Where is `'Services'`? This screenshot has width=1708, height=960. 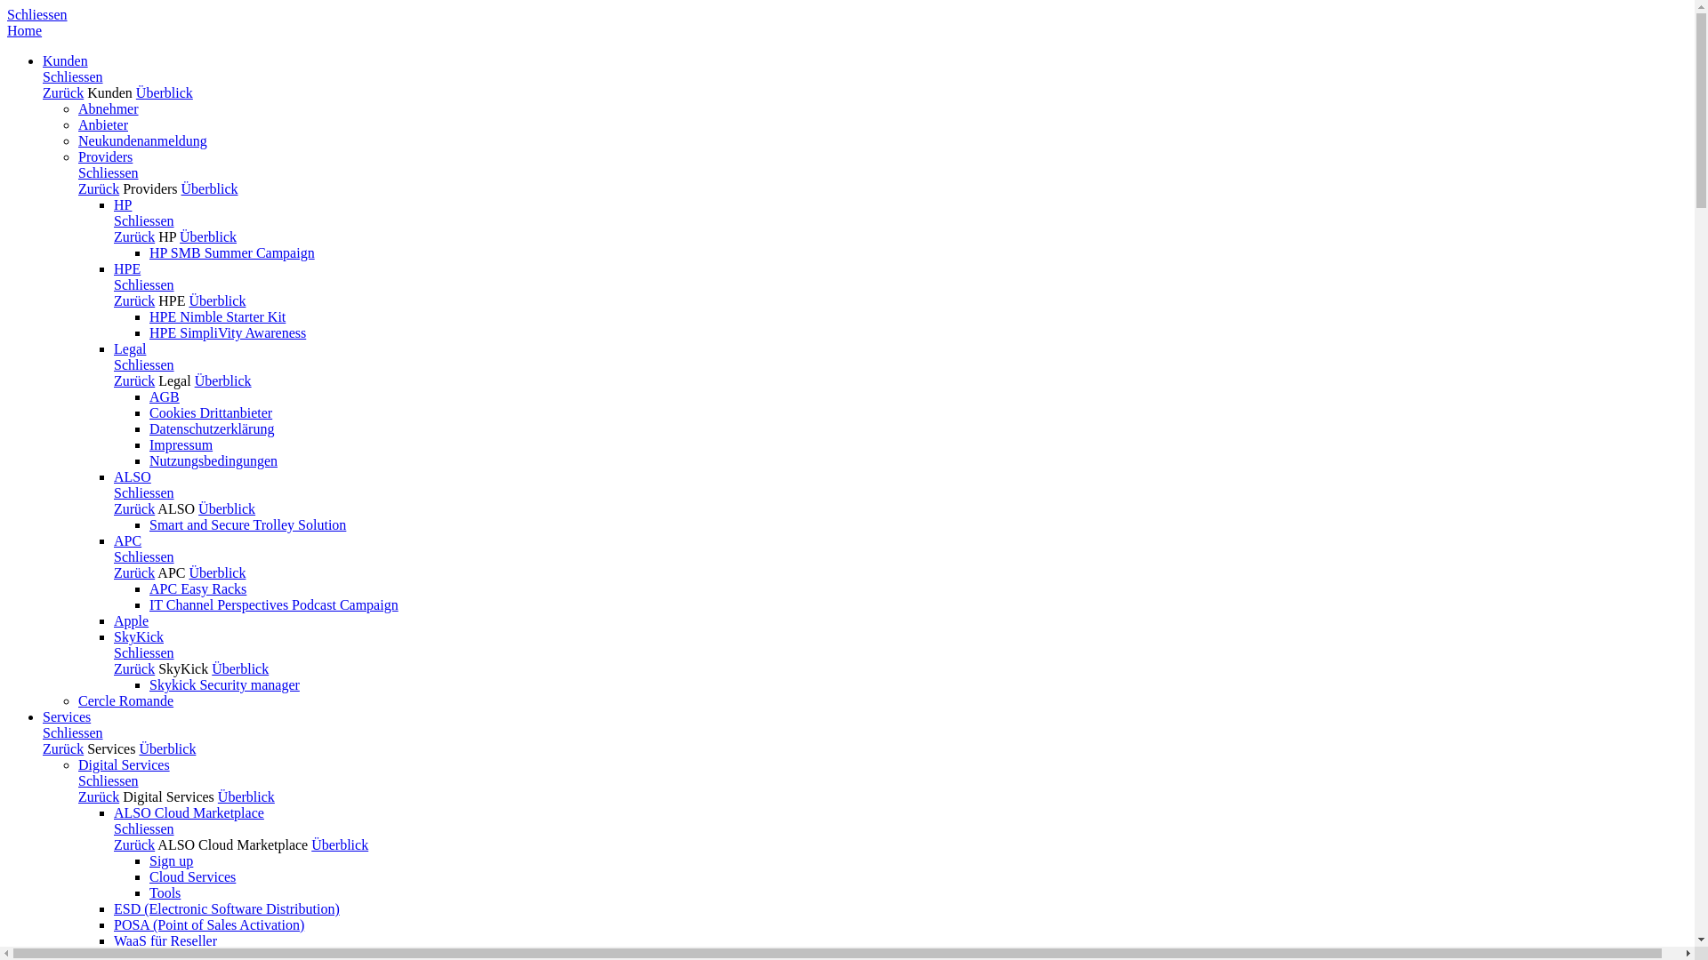
'Services' is located at coordinates (67, 716).